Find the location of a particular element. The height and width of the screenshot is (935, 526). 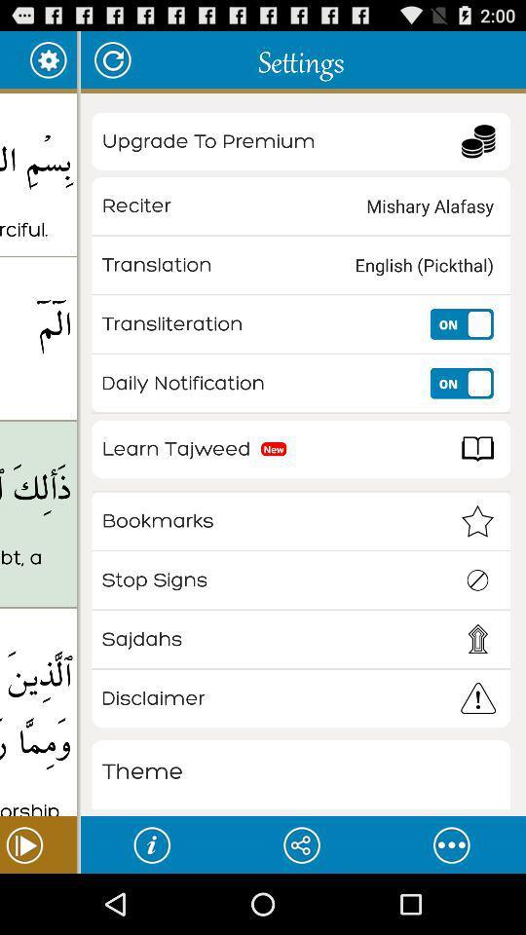

the settings icon is located at coordinates (48, 63).